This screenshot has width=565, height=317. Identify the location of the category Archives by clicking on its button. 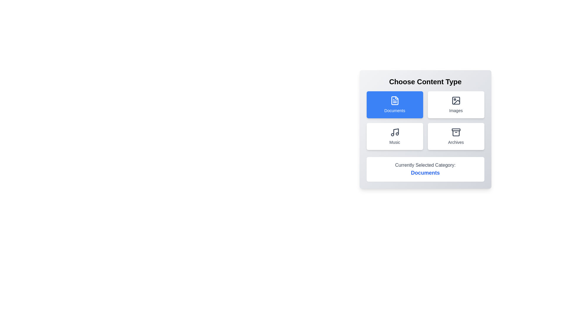
(456, 136).